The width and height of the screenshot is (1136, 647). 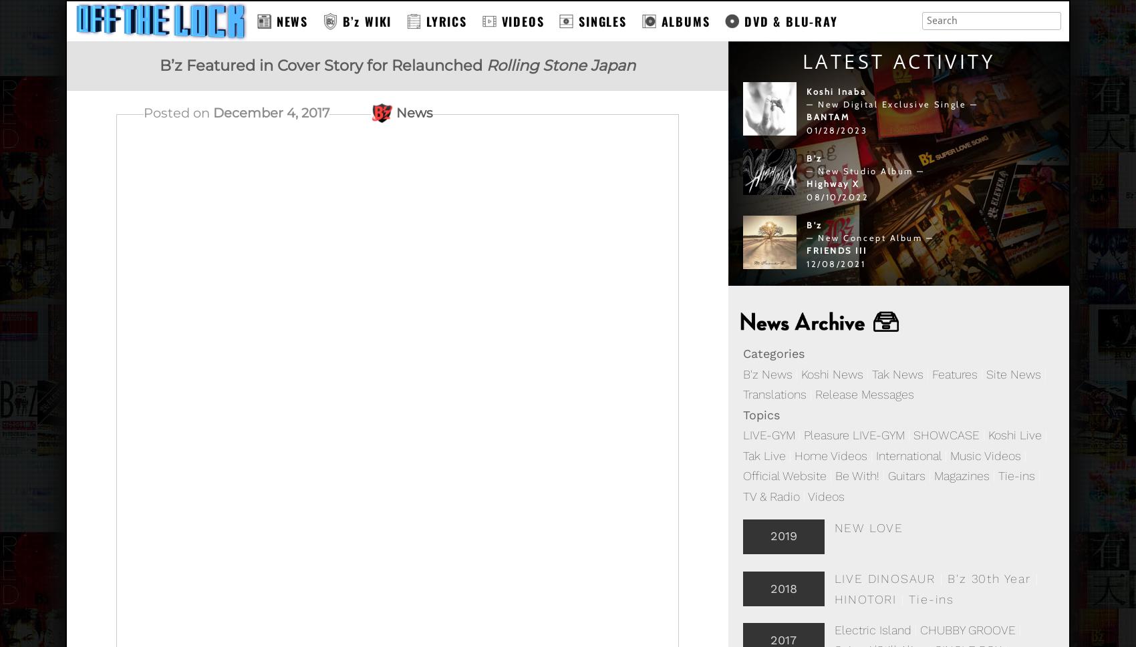 What do you see at coordinates (771, 496) in the screenshot?
I see `'TV & Radio'` at bounding box center [771, 496].